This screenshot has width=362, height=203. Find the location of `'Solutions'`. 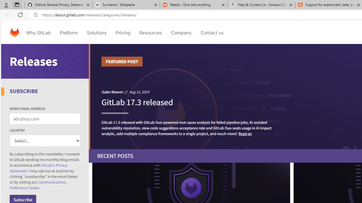

'Solutions' is located at coordinates (96, 32).